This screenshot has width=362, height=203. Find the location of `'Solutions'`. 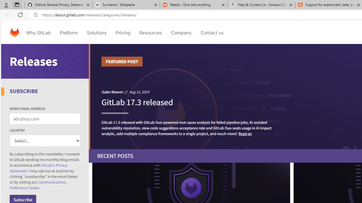

'Solutions' is located at coordinates (96, 32).